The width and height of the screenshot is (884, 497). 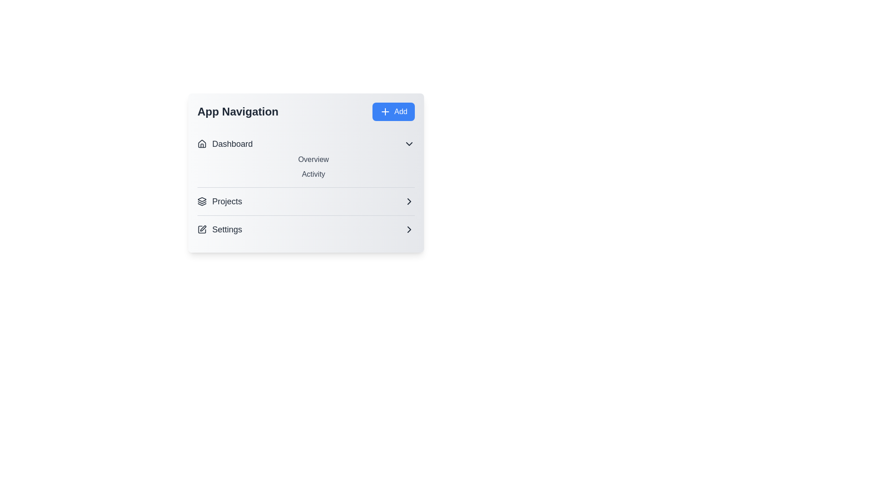 What do you see at coordinates (393, 111) in the screenshot?
I see `the 'Add' button to trigger the action` at bounding box center [393, 111].